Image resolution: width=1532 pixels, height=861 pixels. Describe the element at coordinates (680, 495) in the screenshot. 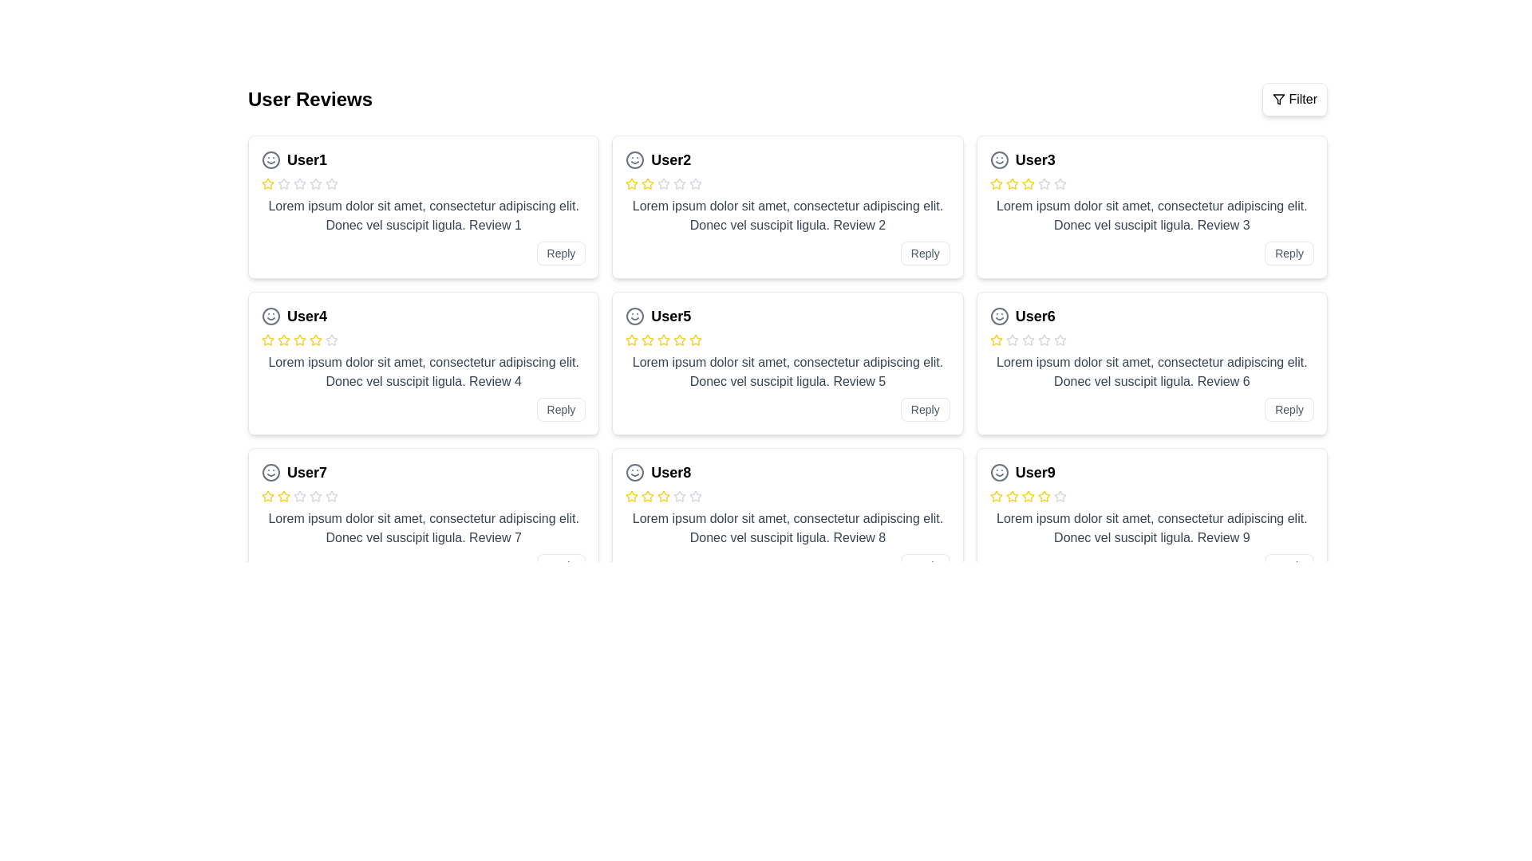

I see `the third star-shaped icon in the rating system of the 'User8' review box` at that location.